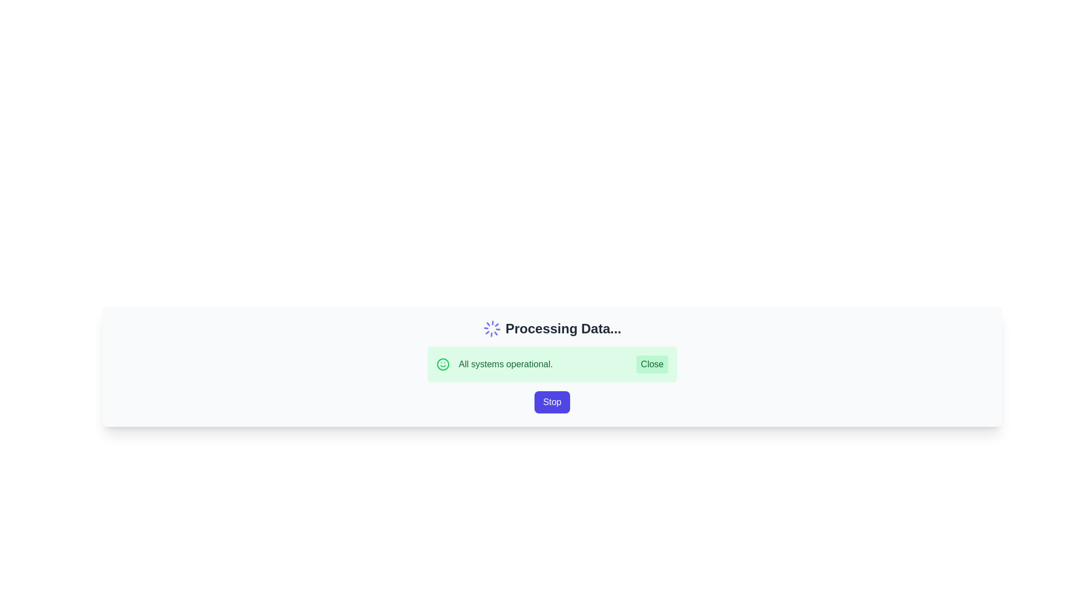 The image size is (1069, 601). I want to click on the positive status icon located on the left side of the notification bar that indicates 'All systems operational.', so click(443, 364).